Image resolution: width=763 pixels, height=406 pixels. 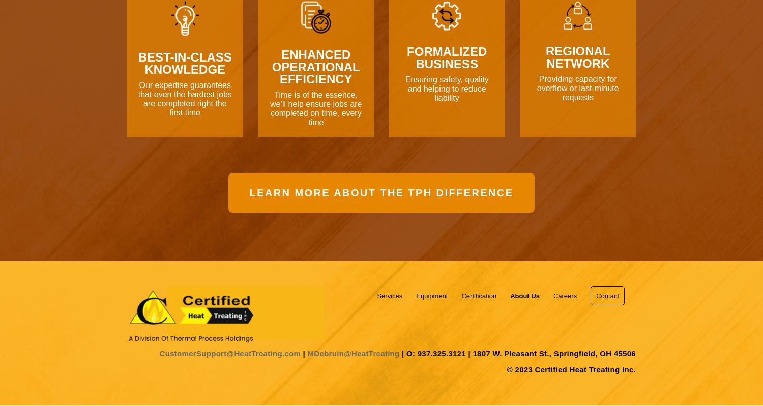 I want to click on 'Equipment', so click(x=431, y=295).